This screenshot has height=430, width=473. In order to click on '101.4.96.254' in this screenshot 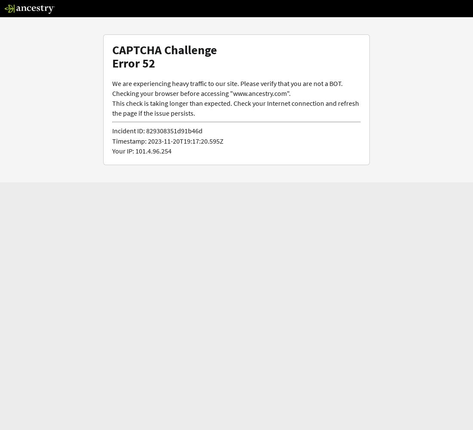, I will do `click(153, 150)`.